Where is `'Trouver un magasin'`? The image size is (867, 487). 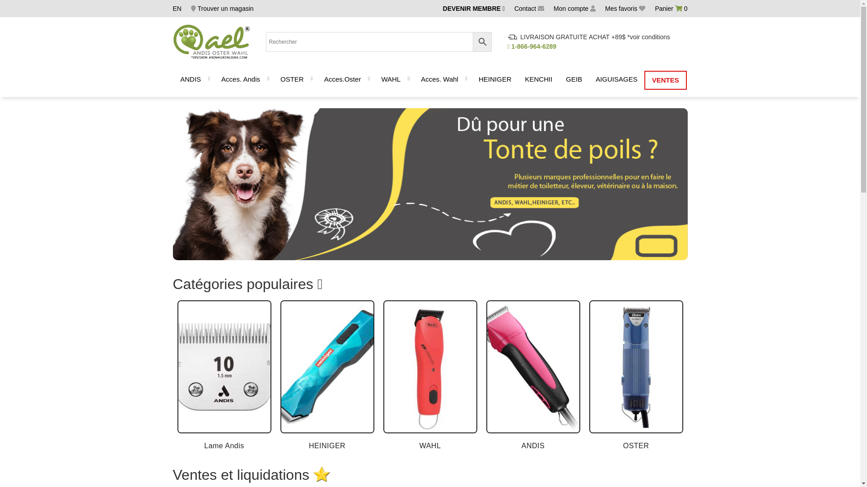
'Trouver un magasin' is located at coordinates (222, 9).